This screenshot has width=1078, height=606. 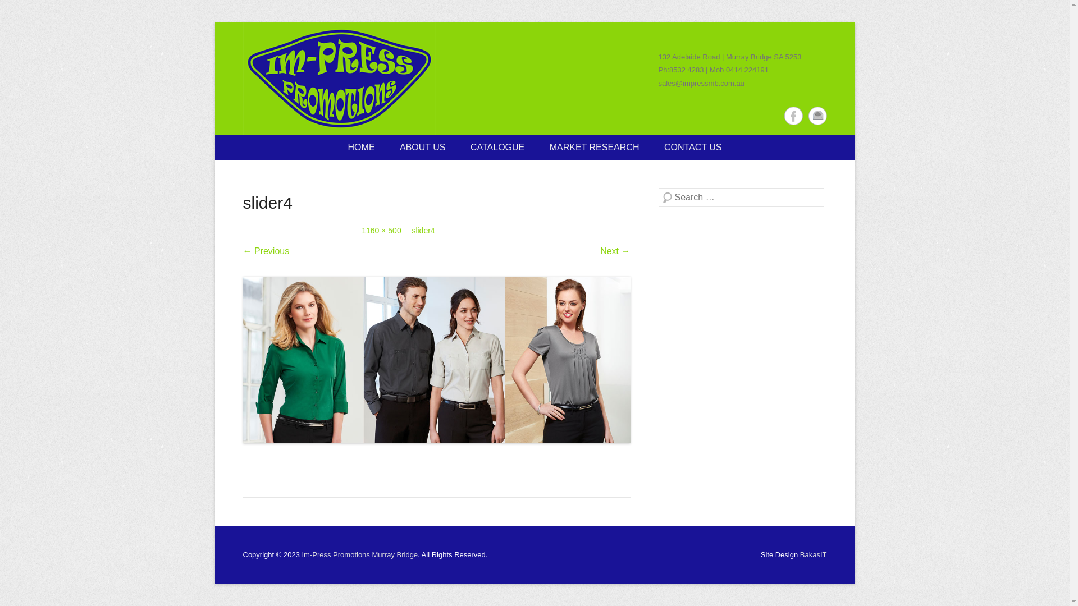 I want to click on 'Skip to content', so click(x=214, y=141).